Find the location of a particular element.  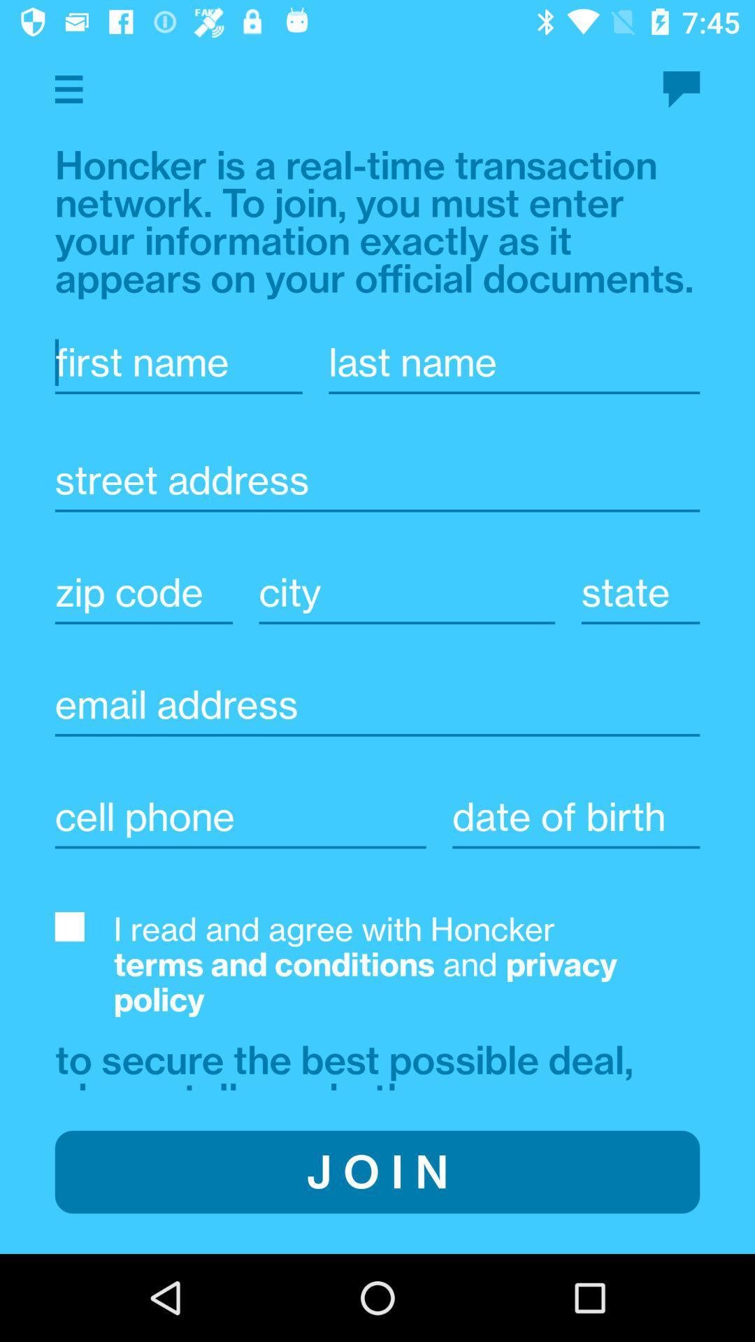

open chat is located at coordinates (681, 89).